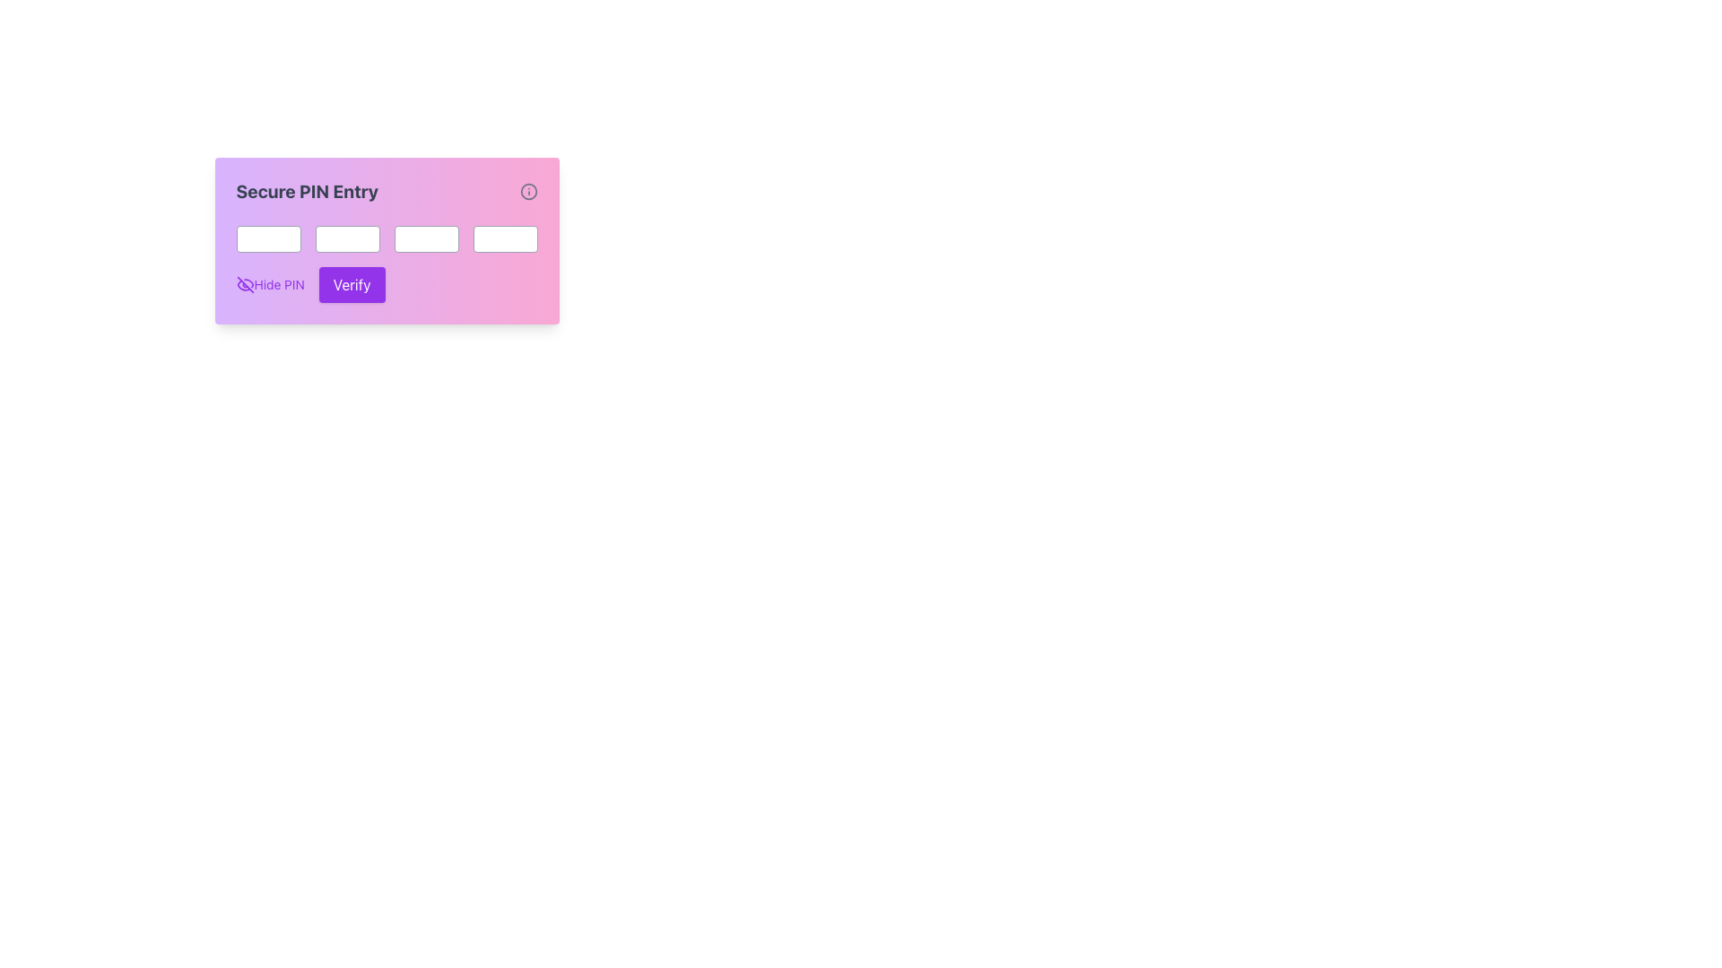 The image size is (1722, 968). I want to click on the verification button located centrally below the PIN entry boxes, so click(352, 283).